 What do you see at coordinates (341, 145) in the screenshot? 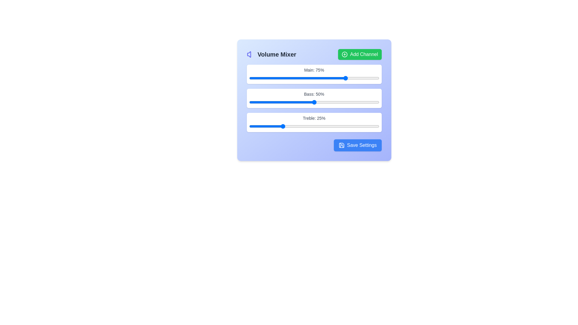
I see `the save icon within the 'Save Settings' button located at the bottom-right of the settings card` at bounding box center [341, 145].